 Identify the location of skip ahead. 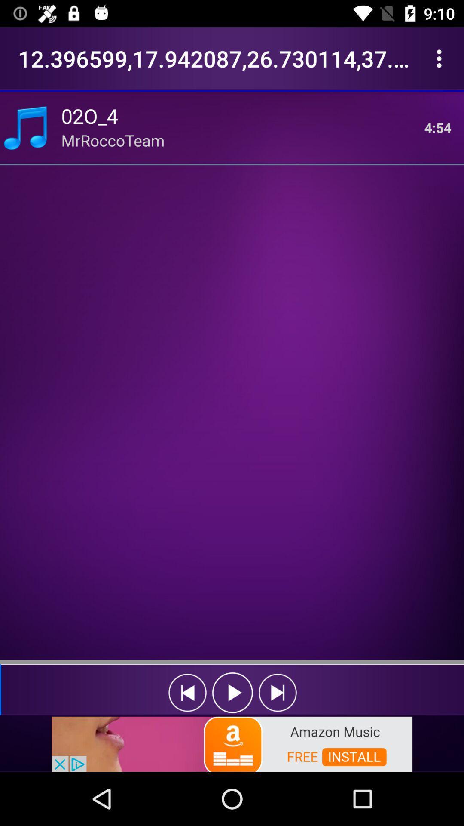
(278, 693).